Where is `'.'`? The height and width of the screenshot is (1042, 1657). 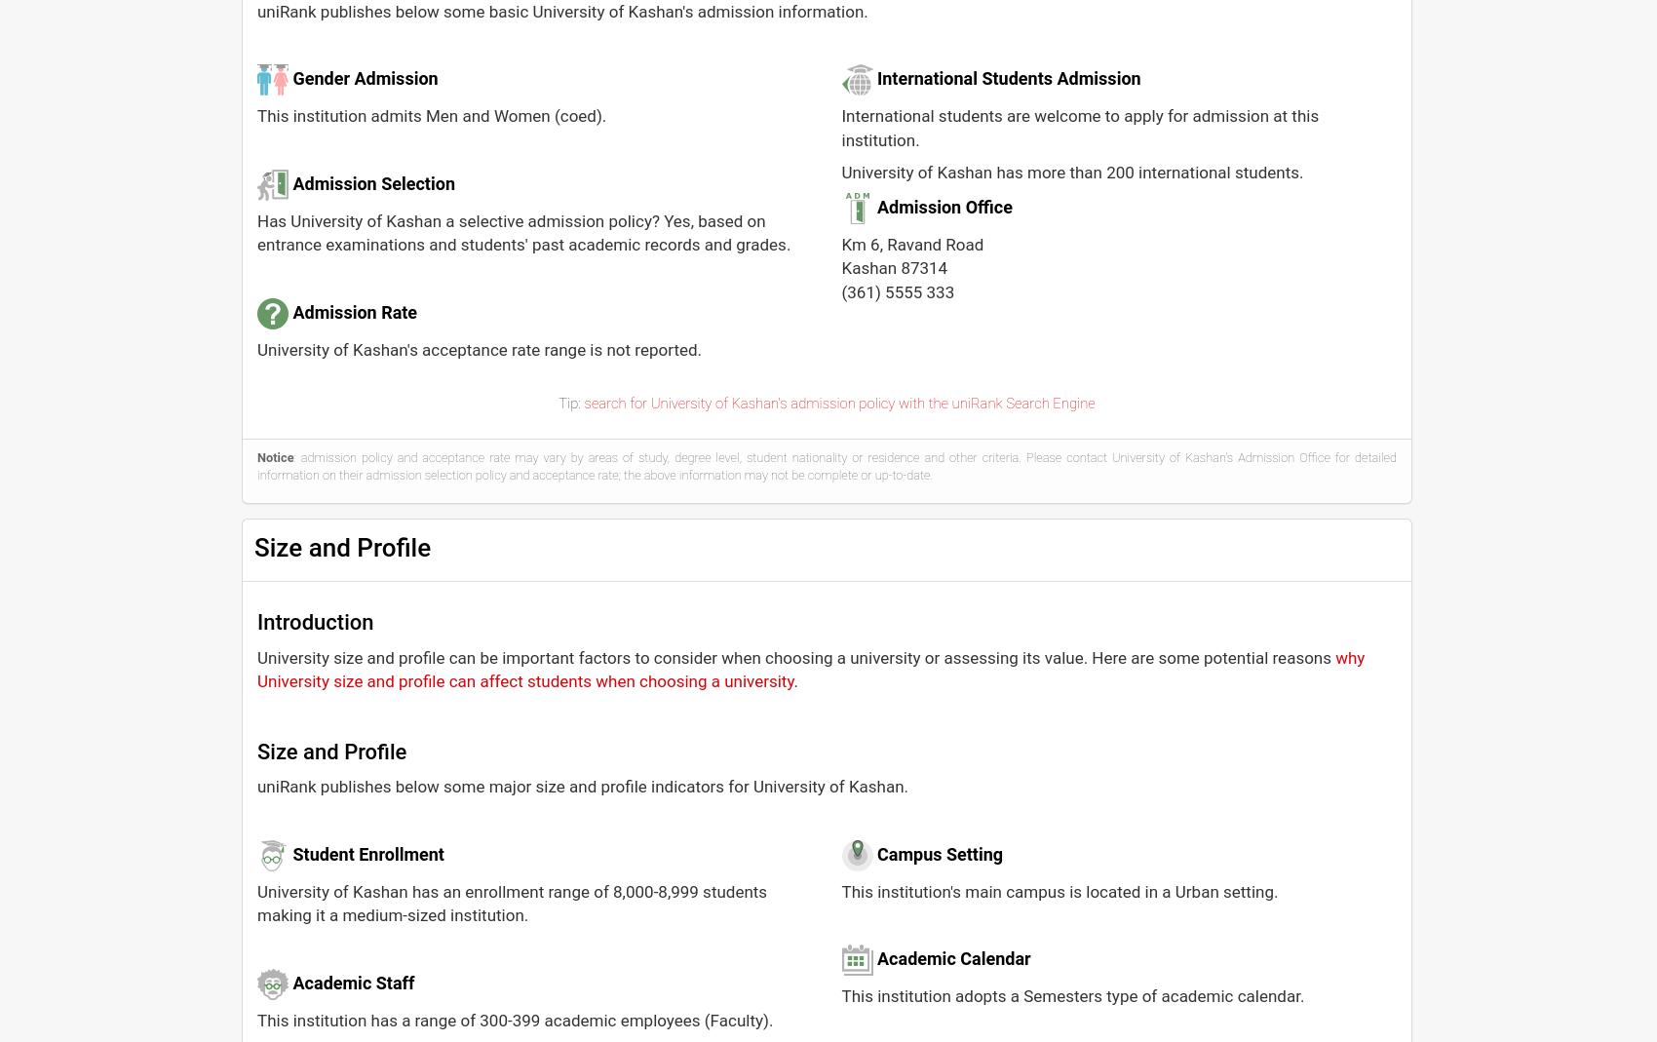
'.' is located at coordinates (794, 680).